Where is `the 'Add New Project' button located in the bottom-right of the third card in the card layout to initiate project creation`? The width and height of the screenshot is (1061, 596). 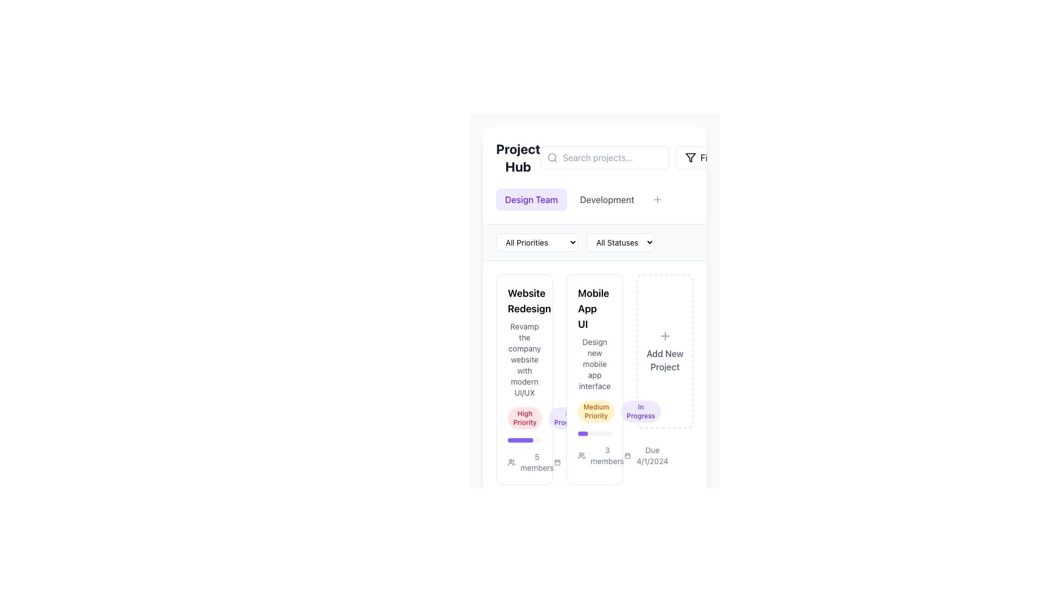 the 'Add New Project' button located in the bottom-right of the third card in the card layout to initiate project creation is located at coordinates (664, 351).